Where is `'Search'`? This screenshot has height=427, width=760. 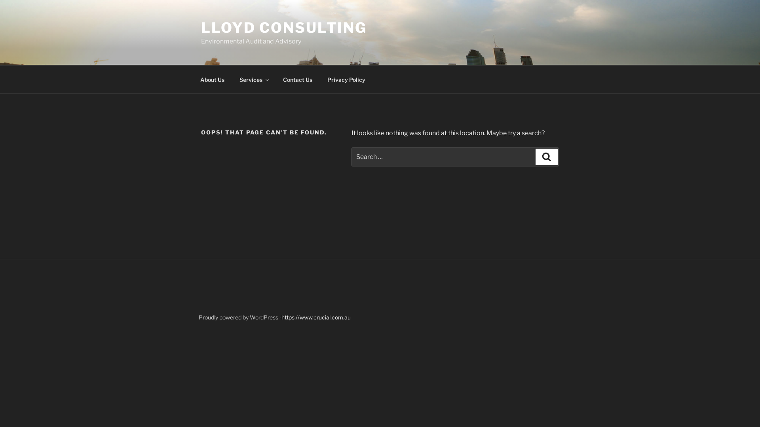
'Search' is located at coordinates (536, 157).